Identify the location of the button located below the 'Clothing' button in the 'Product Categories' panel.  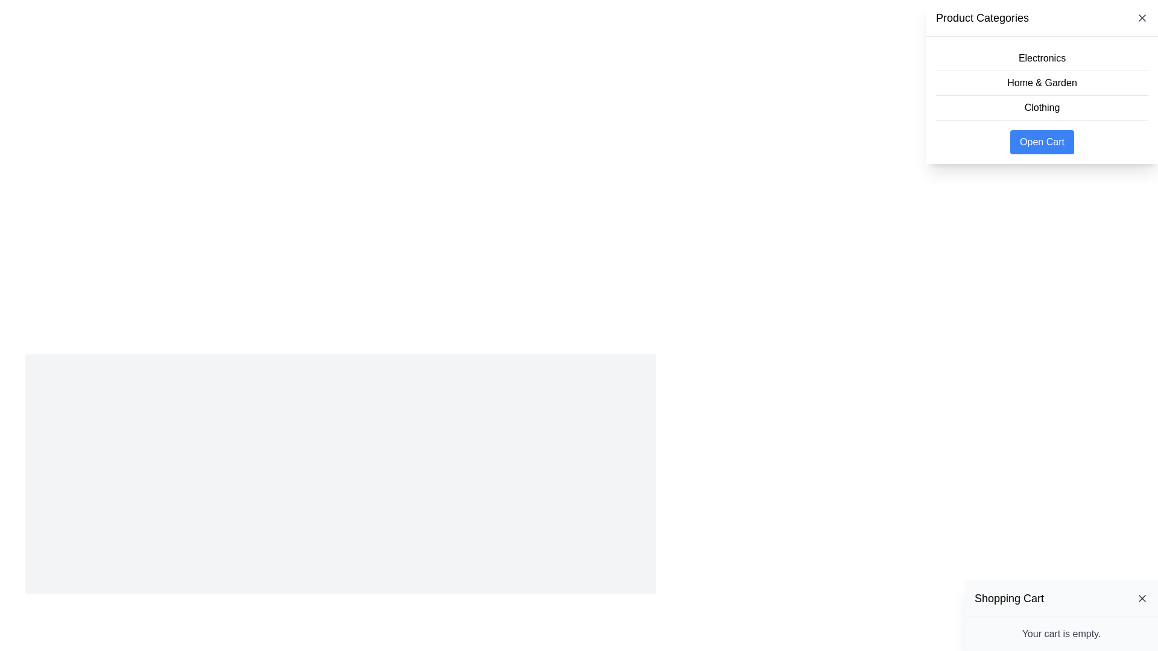
(1042, 141).